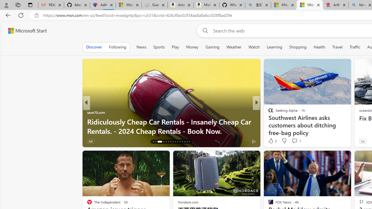 This screenshot has width=372, height=209. What do you see at coordinates (158, 142) in the screenshot?
I see `'AutomationID: tab-18'` at bounding box center [158, 142].